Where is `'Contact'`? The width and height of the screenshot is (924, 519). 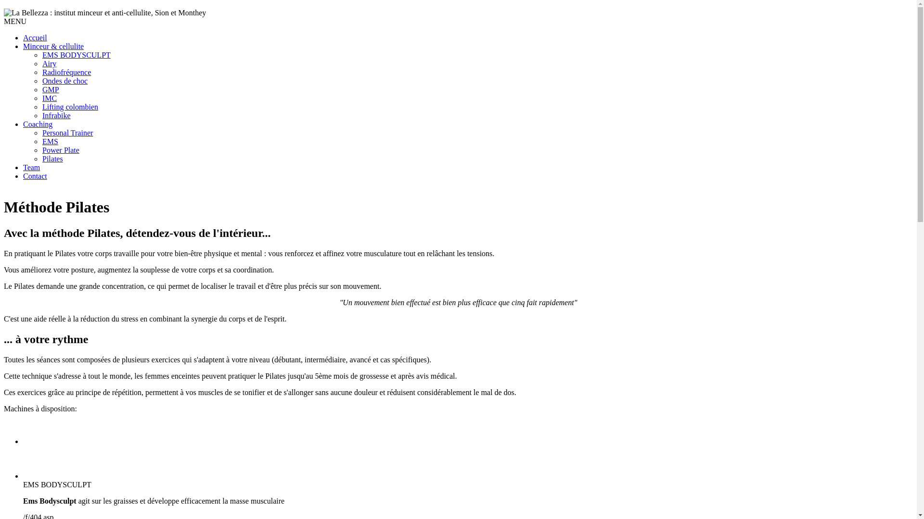
'Contact' is located at coordinates (35, 176).